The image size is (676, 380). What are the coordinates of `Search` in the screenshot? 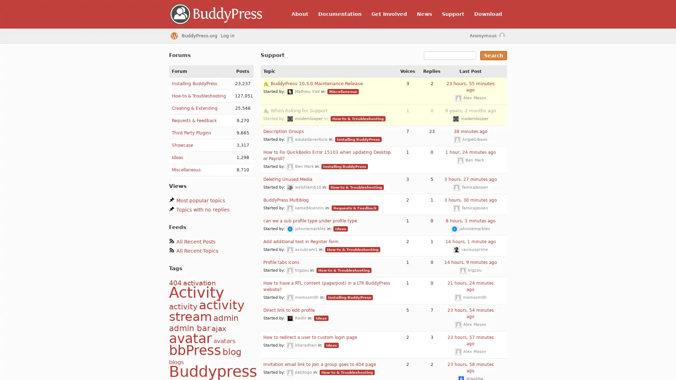 It's located at (493, 55).